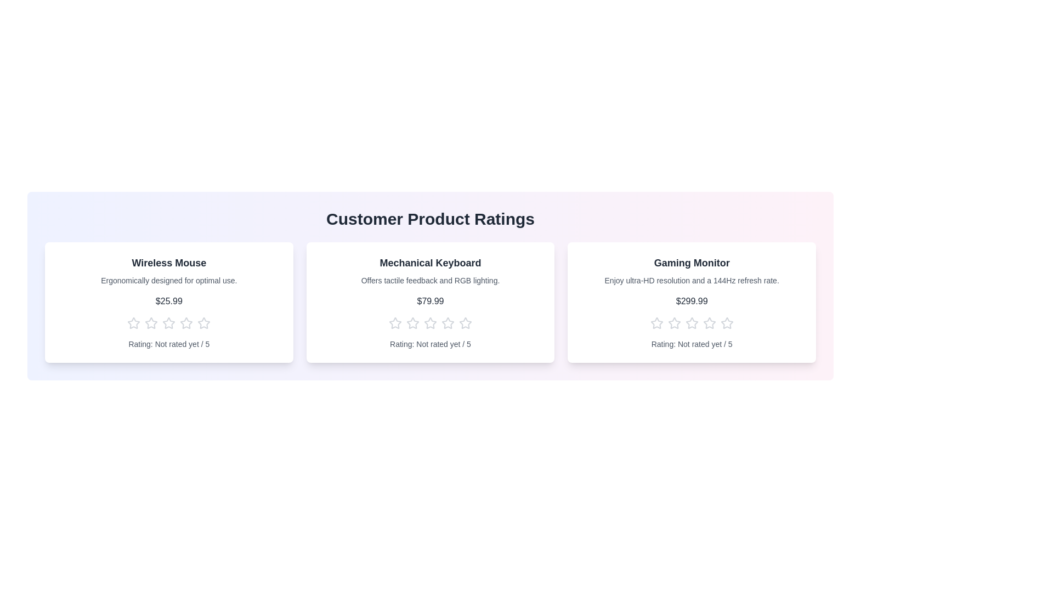 The height and width of the screenshot is (592, 1053). What do you see at coordinates (726, 323) in the screenshot?
I see `the star corresponding to the rating 5 for the product Gaming Monitor` at bounding box center [726, 323].